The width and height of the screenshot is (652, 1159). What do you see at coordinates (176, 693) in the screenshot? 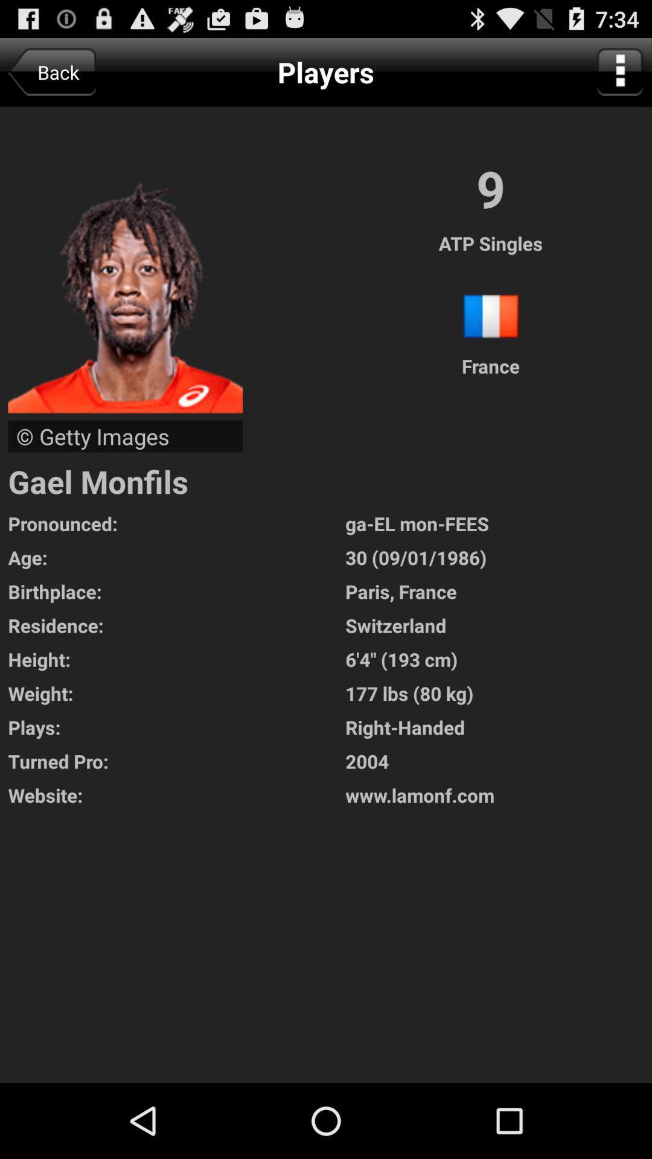
I see `app below the height: icon` at bounding box center [176, 693].